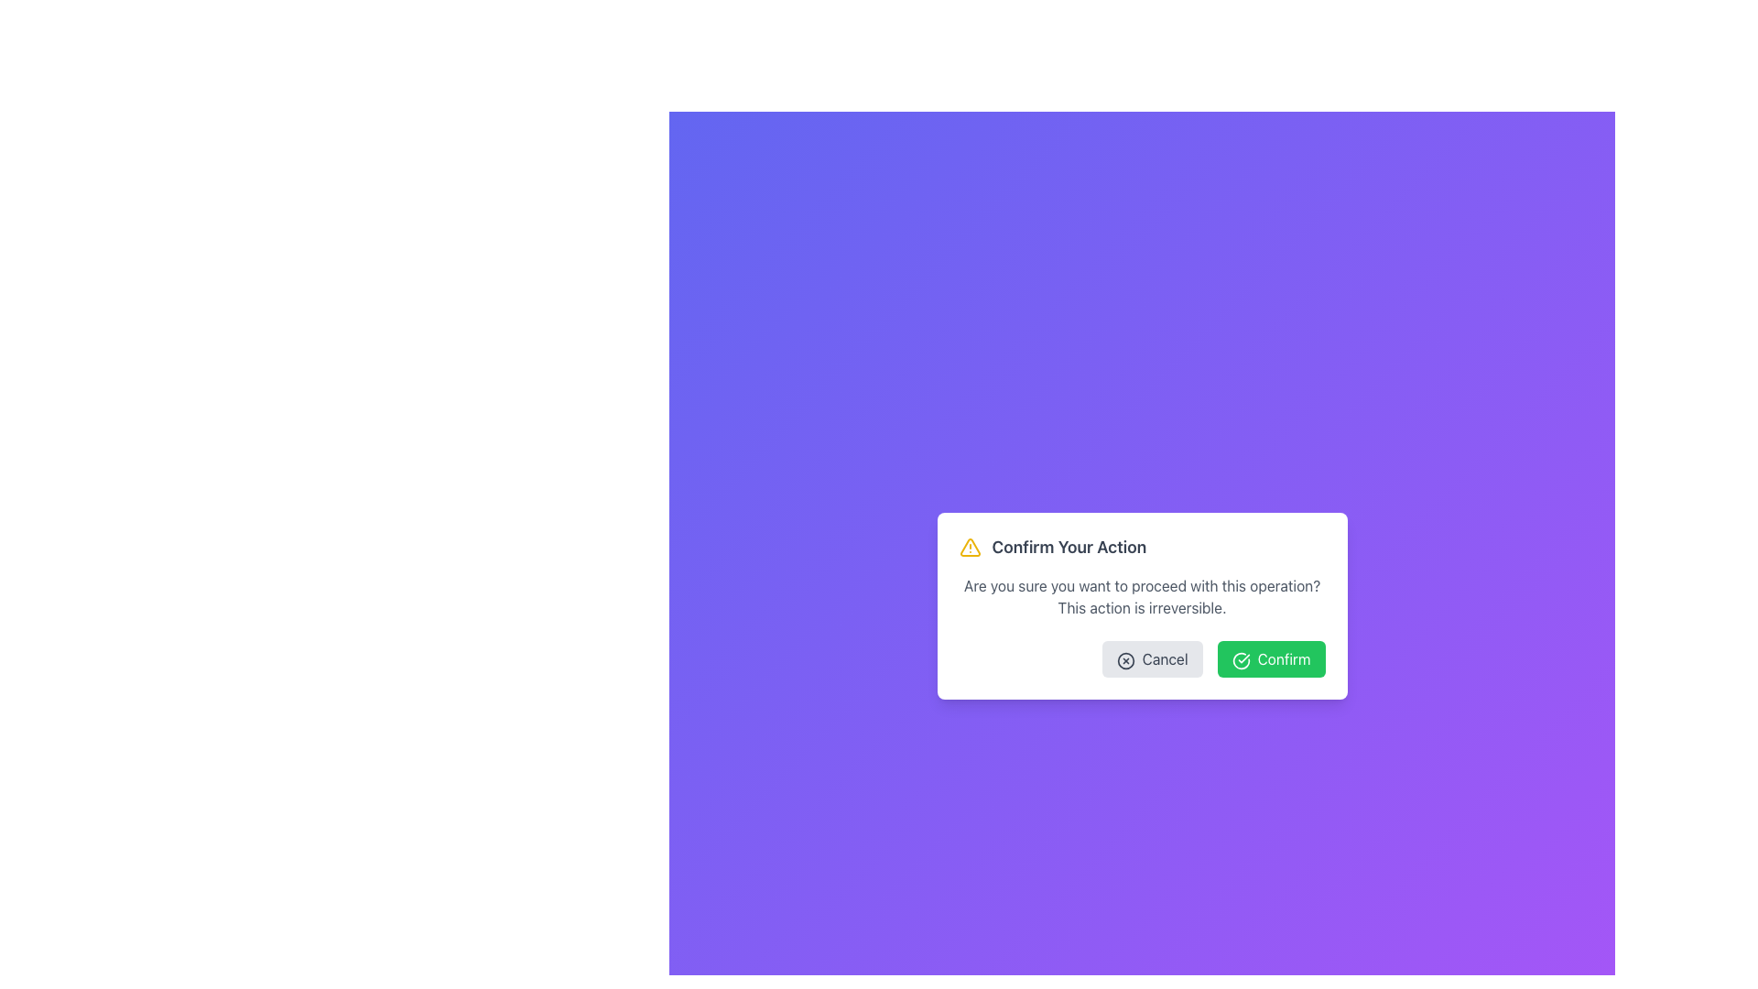  What do you see at coordinates (1151, 659) in the screenshot?
I see `the 'Cancel' button with a light gray background and rounded edges, located in the bottom-right part of the confirmation dialog box` at bounding box center [1151, 659].